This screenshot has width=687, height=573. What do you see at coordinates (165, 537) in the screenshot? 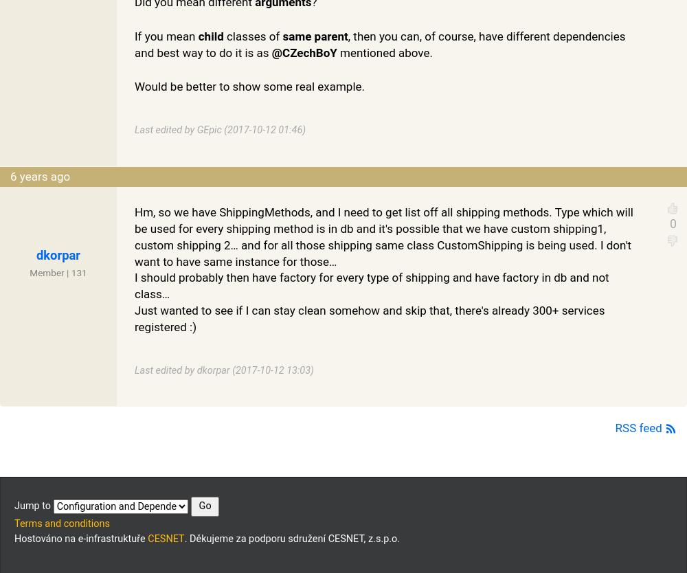
I see `'CESNET'` at bounding box center [165, 537].